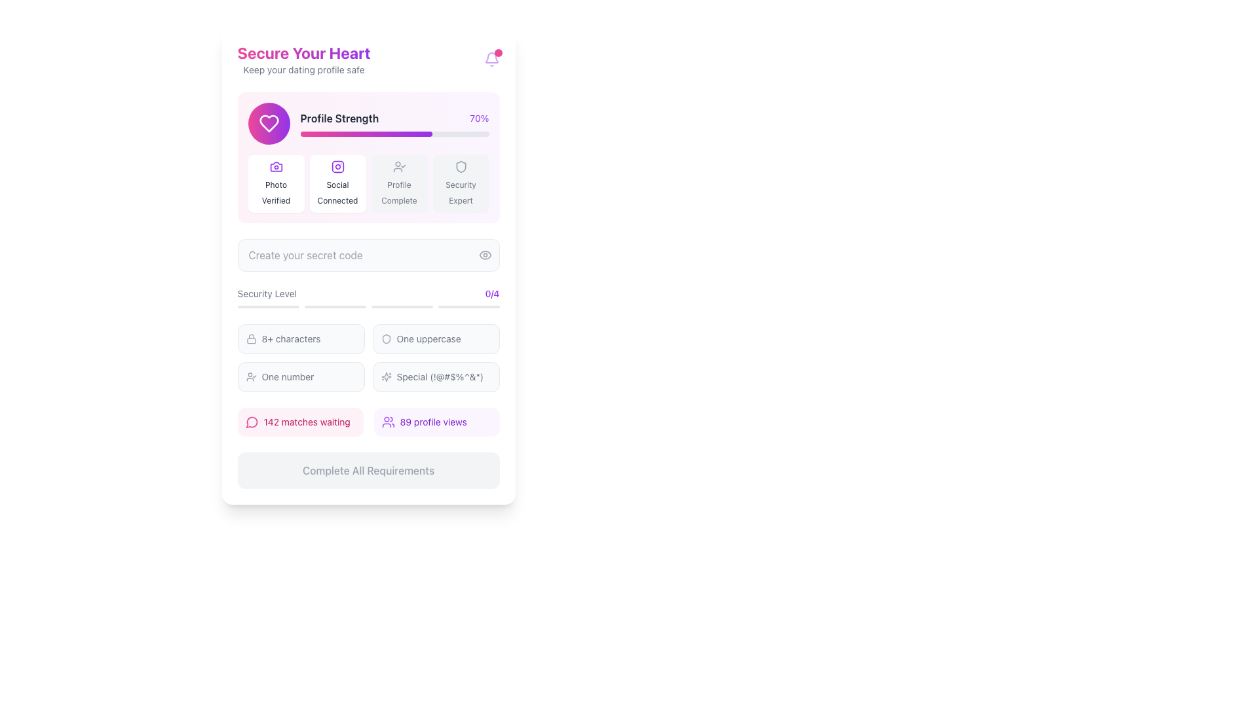  I want to click on the leftmost informational button in the lower portion of the vertically stacked UI panel, so click(299, 422).